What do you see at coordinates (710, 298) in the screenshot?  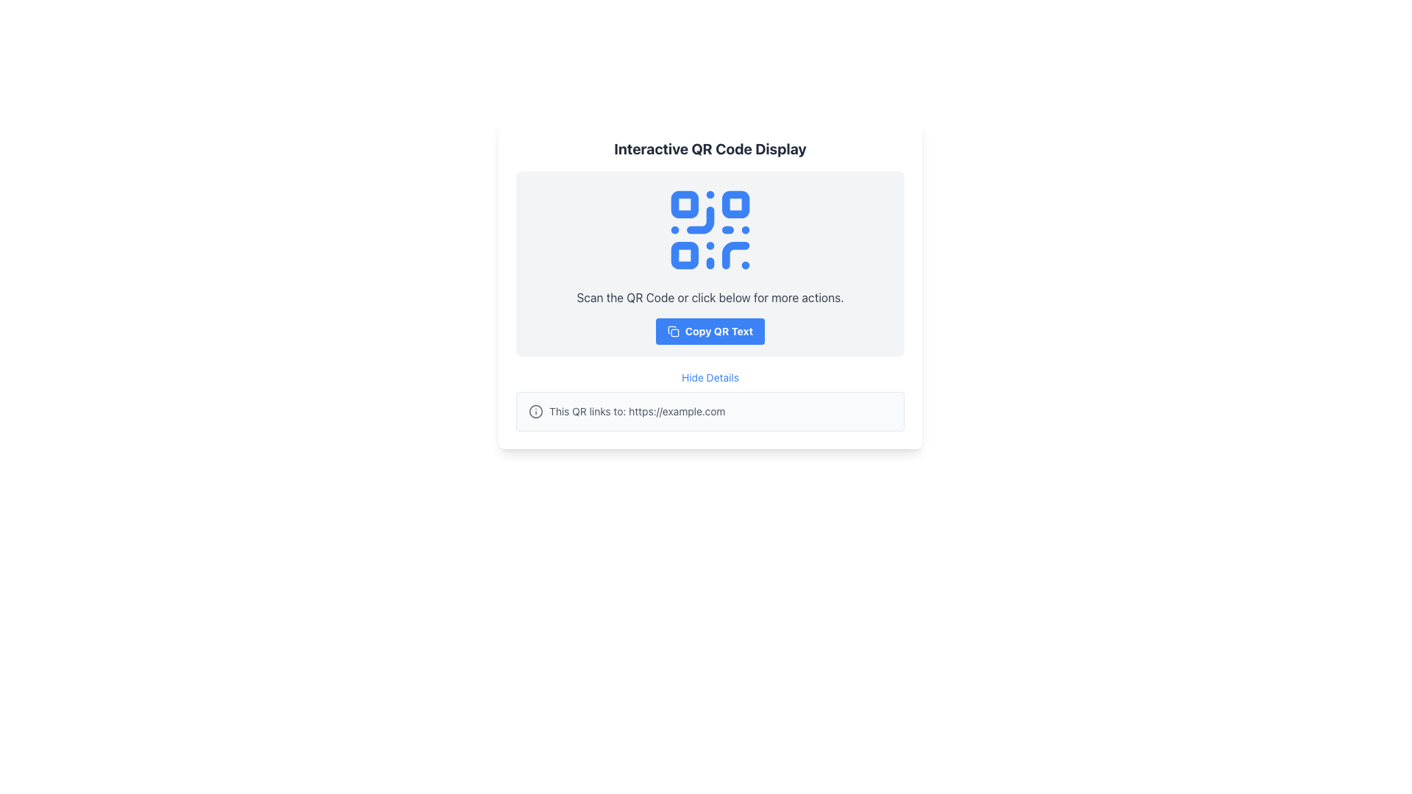 I see `the instructional text element located centrally below the QR code icon and above the blue button labeled 'Copy QR Text'` at bounding box center [710, 298].